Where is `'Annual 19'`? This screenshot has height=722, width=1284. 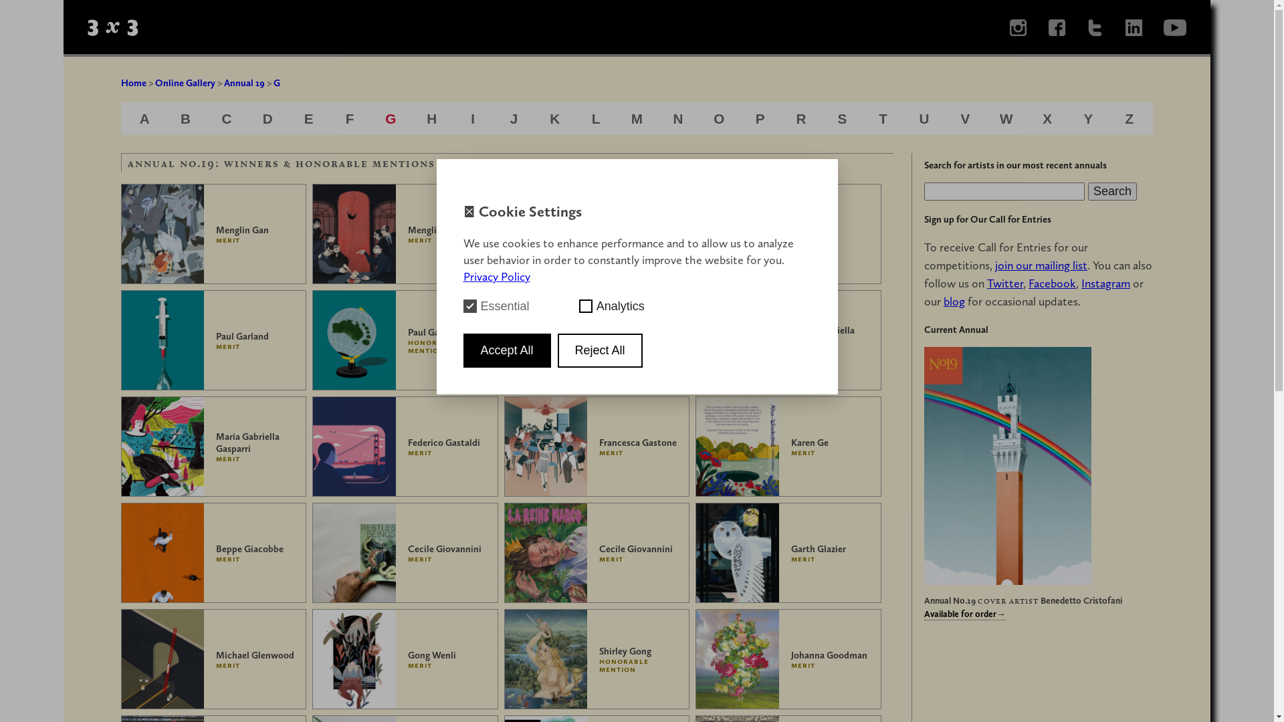
'Annual 19' is located at coordinates (244, 82).